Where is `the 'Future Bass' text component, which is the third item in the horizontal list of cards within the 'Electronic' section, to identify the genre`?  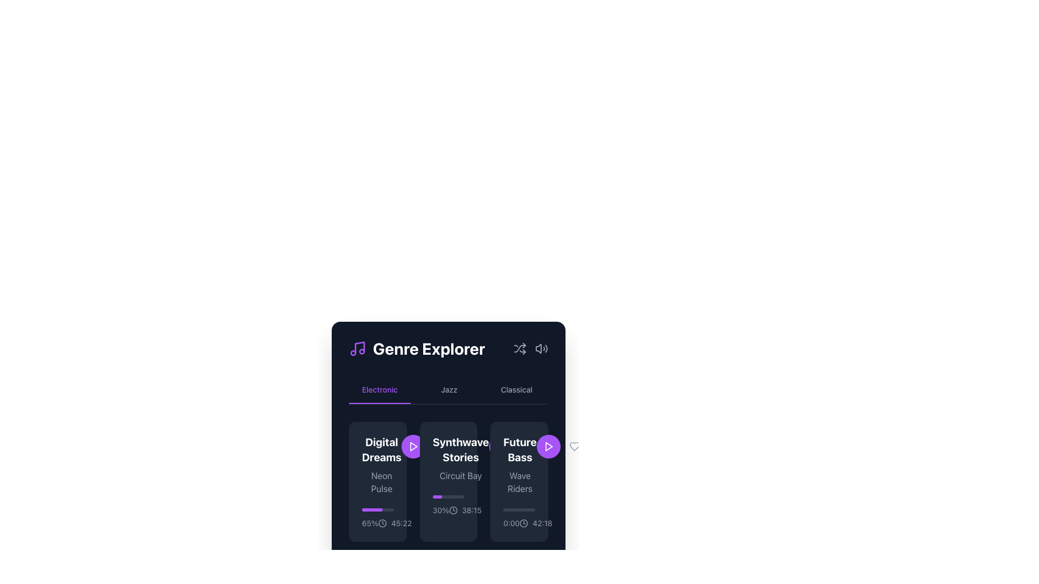
the 'Future Bass' text component, which is the third item in the horizontal list of cards within the 'Electronic' section, to identify the genre is located at coordinates (520, 464).